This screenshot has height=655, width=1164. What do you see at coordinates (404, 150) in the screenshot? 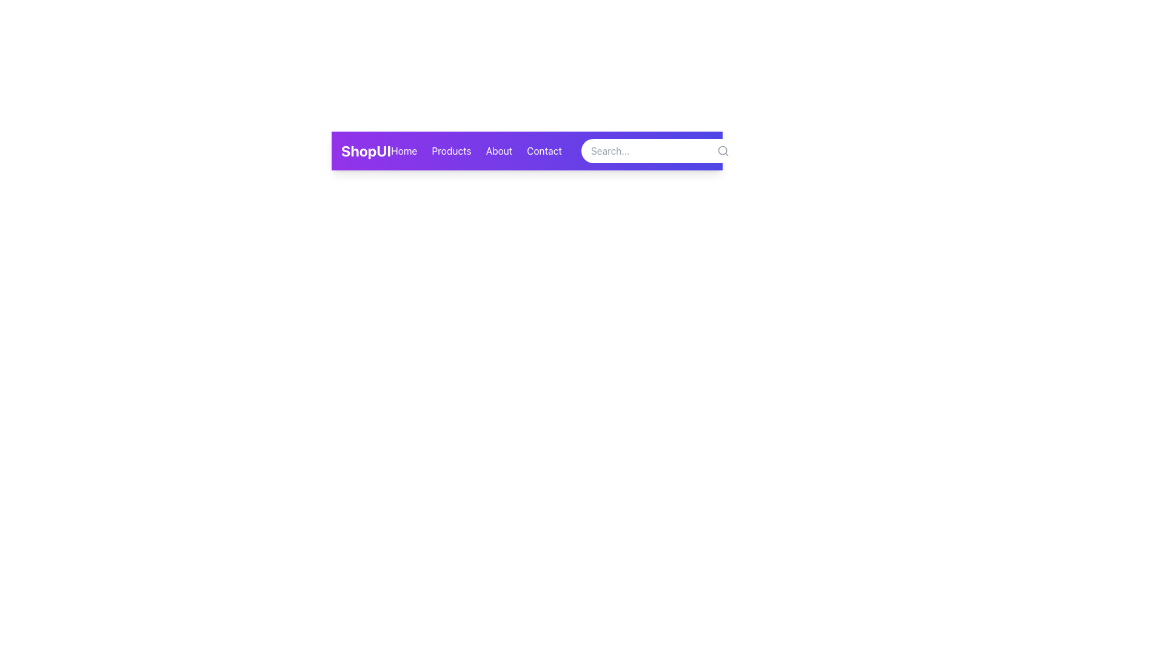
I see `the Navigation link that redirects to the home page of the application to change its color` at bounding box center [404, 150].